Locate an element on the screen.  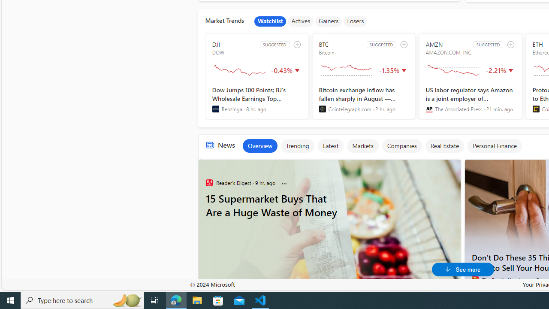
'The Associated Press' is located at coordinates (429, 109).